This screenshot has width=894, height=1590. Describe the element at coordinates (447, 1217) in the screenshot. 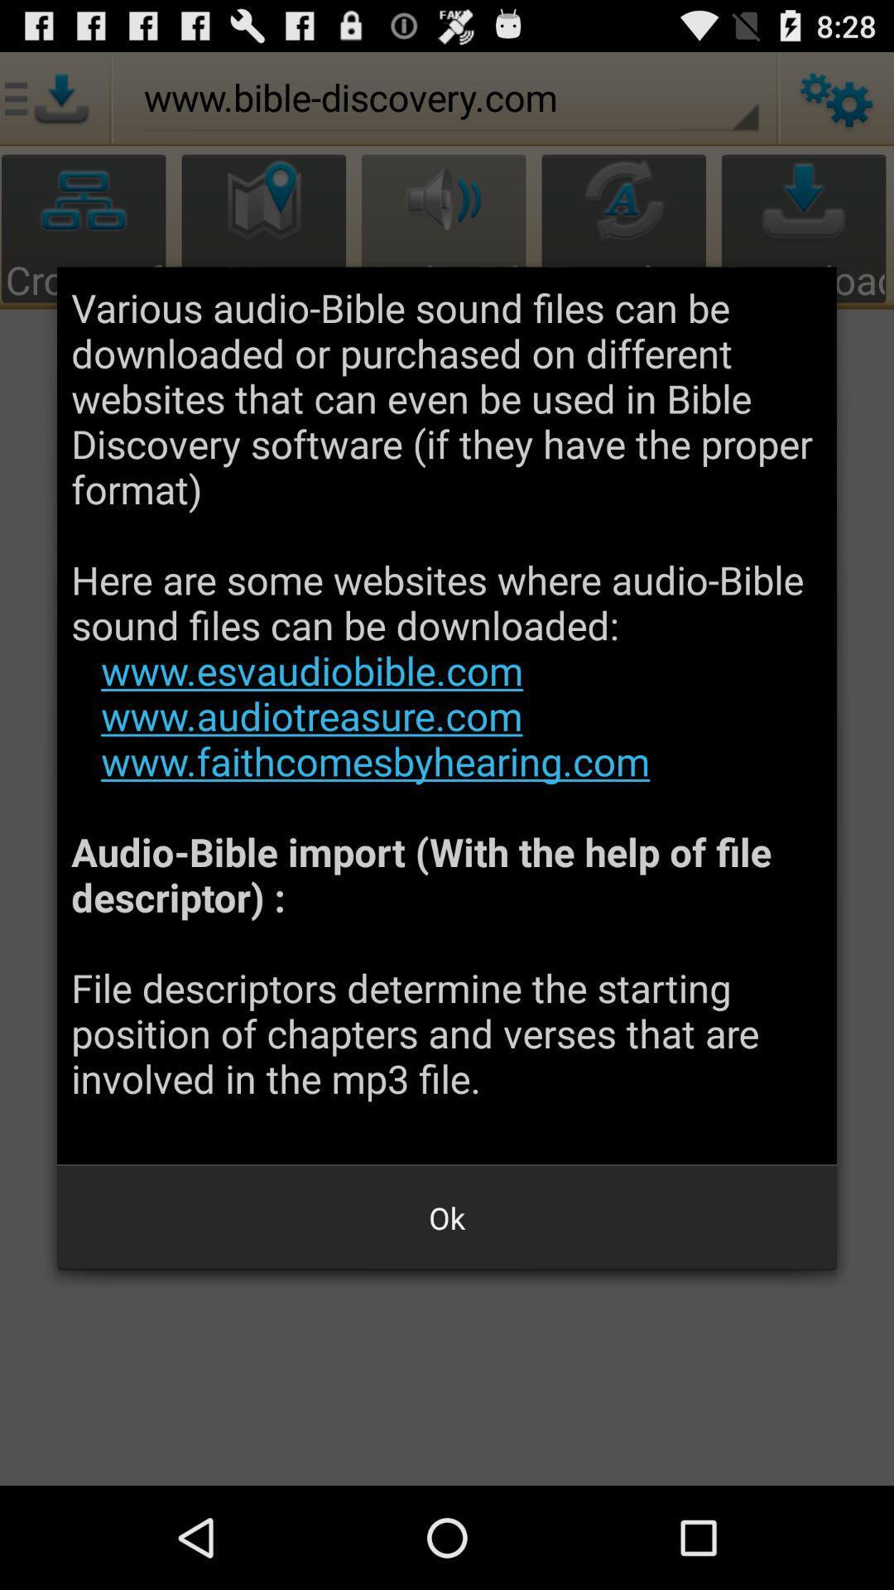

I see `the icon at the bottom` at that location.